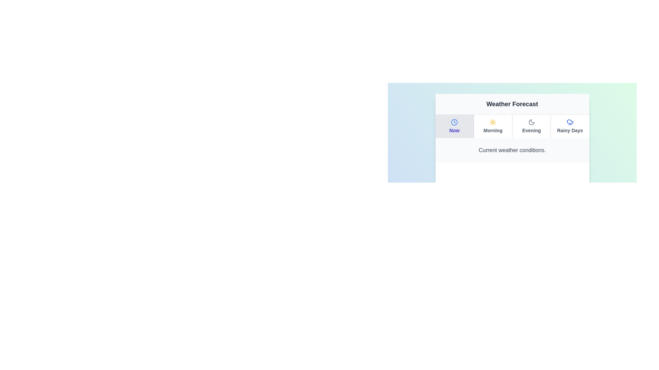 This screenshot has height=370, width=659. What do you see at coordinates (492, 126) in the screenshot?
I see `the 'Morning' button, which is the second item in a horizontal group of options between the 'Now' and 'Evening' buttons` at bounding box center [492, 126].